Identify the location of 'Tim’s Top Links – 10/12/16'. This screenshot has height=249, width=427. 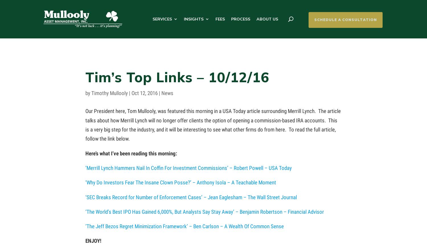
(177, 77).